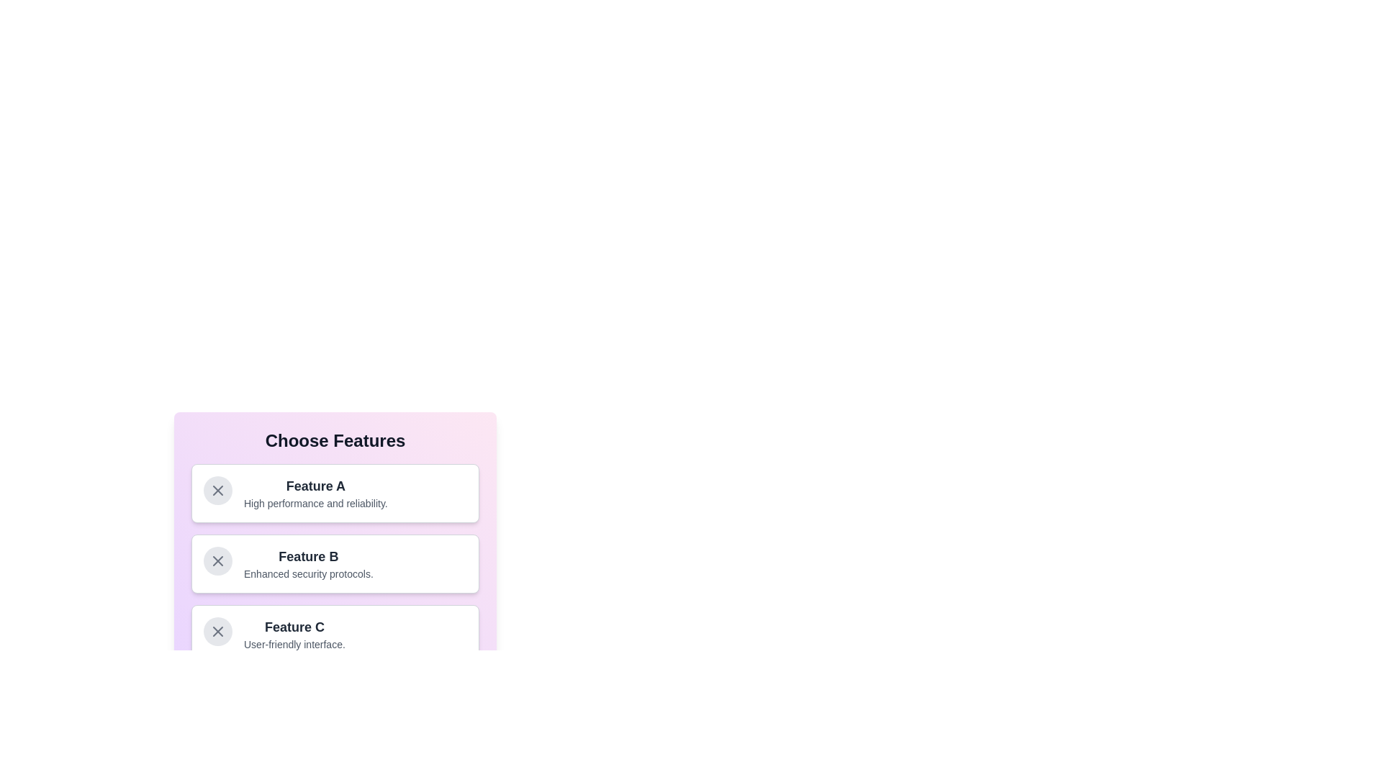 This screenshot has height=777, width=1382. I want to click on the icon button located to the left of 'Feature B' under the 'Choose Features' section, so click(217, 560).